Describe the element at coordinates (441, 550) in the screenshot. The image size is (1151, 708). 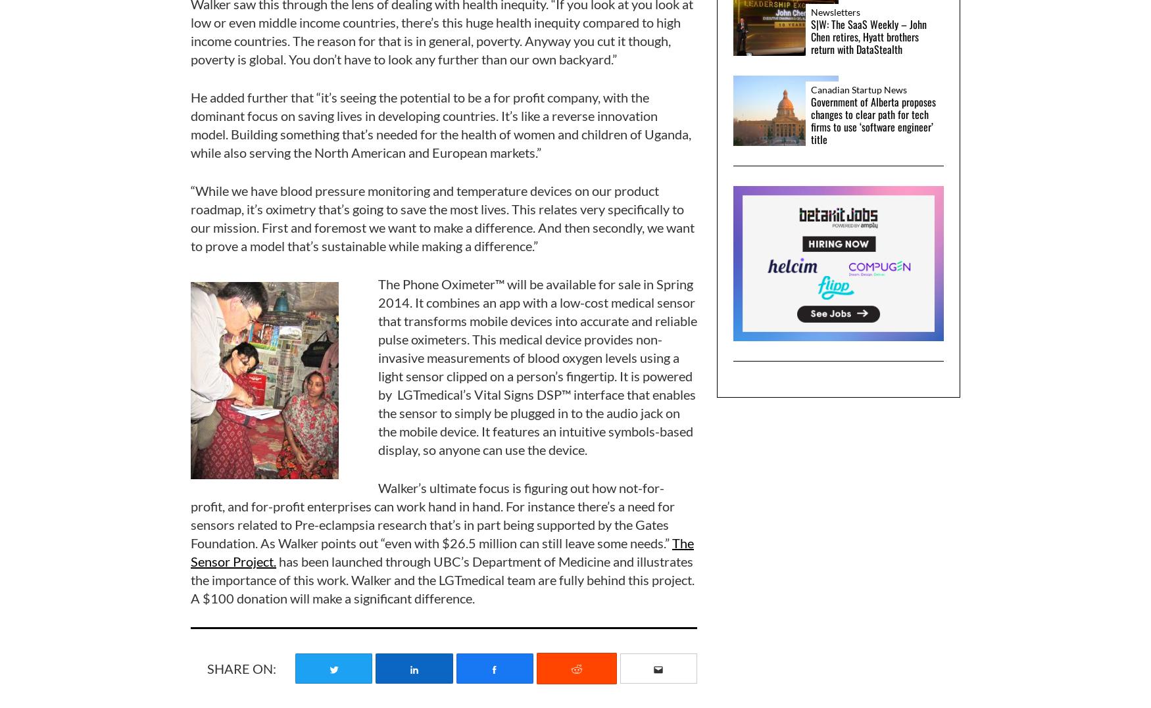
I see `'The Sensor Project.'` at that location.